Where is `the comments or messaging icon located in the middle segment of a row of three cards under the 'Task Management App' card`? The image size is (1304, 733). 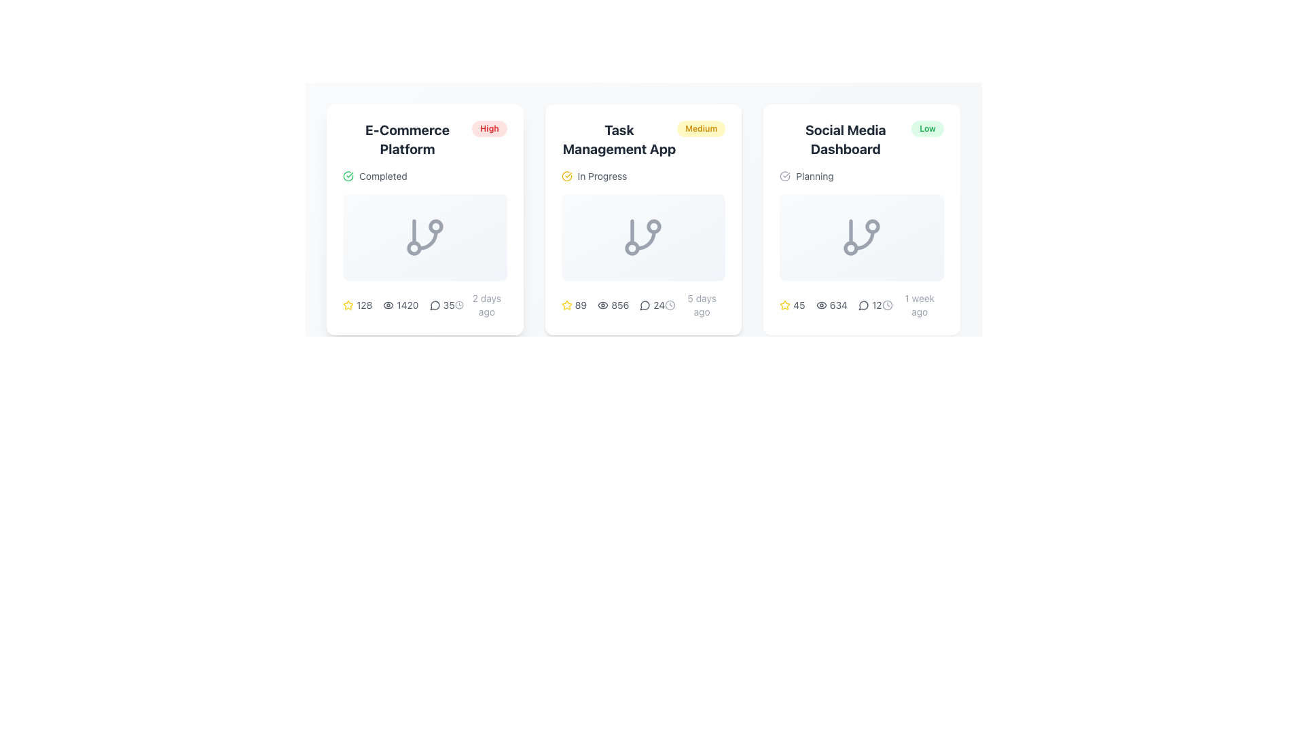
the comments or messaging icon located in the middle segment of a row of three cards under the 'Task Management App' card is located at coordinates (645, 305).